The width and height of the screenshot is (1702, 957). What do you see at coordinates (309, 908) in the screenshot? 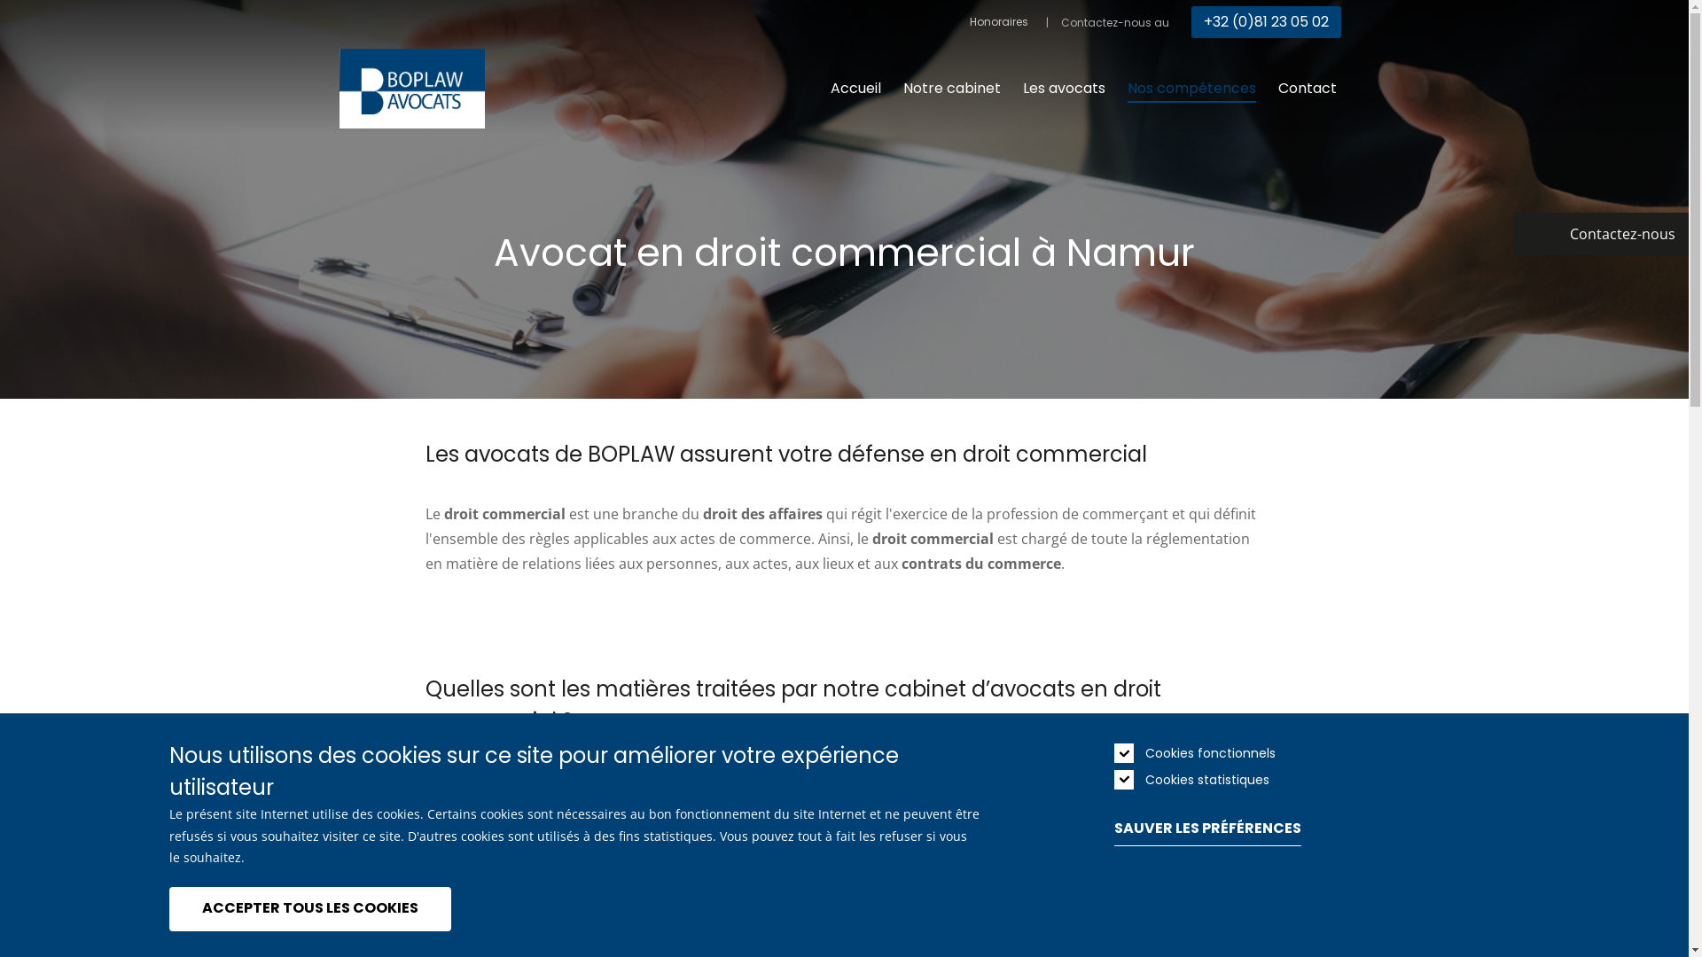
I see `'ACCEPTER TOUS LES COOKIES'` at bounding box center [309, 908].